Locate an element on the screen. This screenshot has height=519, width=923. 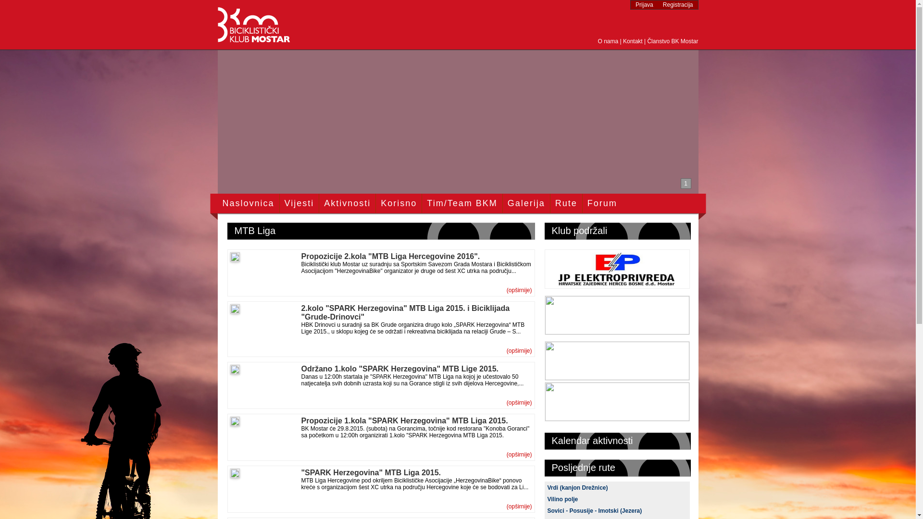
'Korisno' is located at coordinates (399, 203).